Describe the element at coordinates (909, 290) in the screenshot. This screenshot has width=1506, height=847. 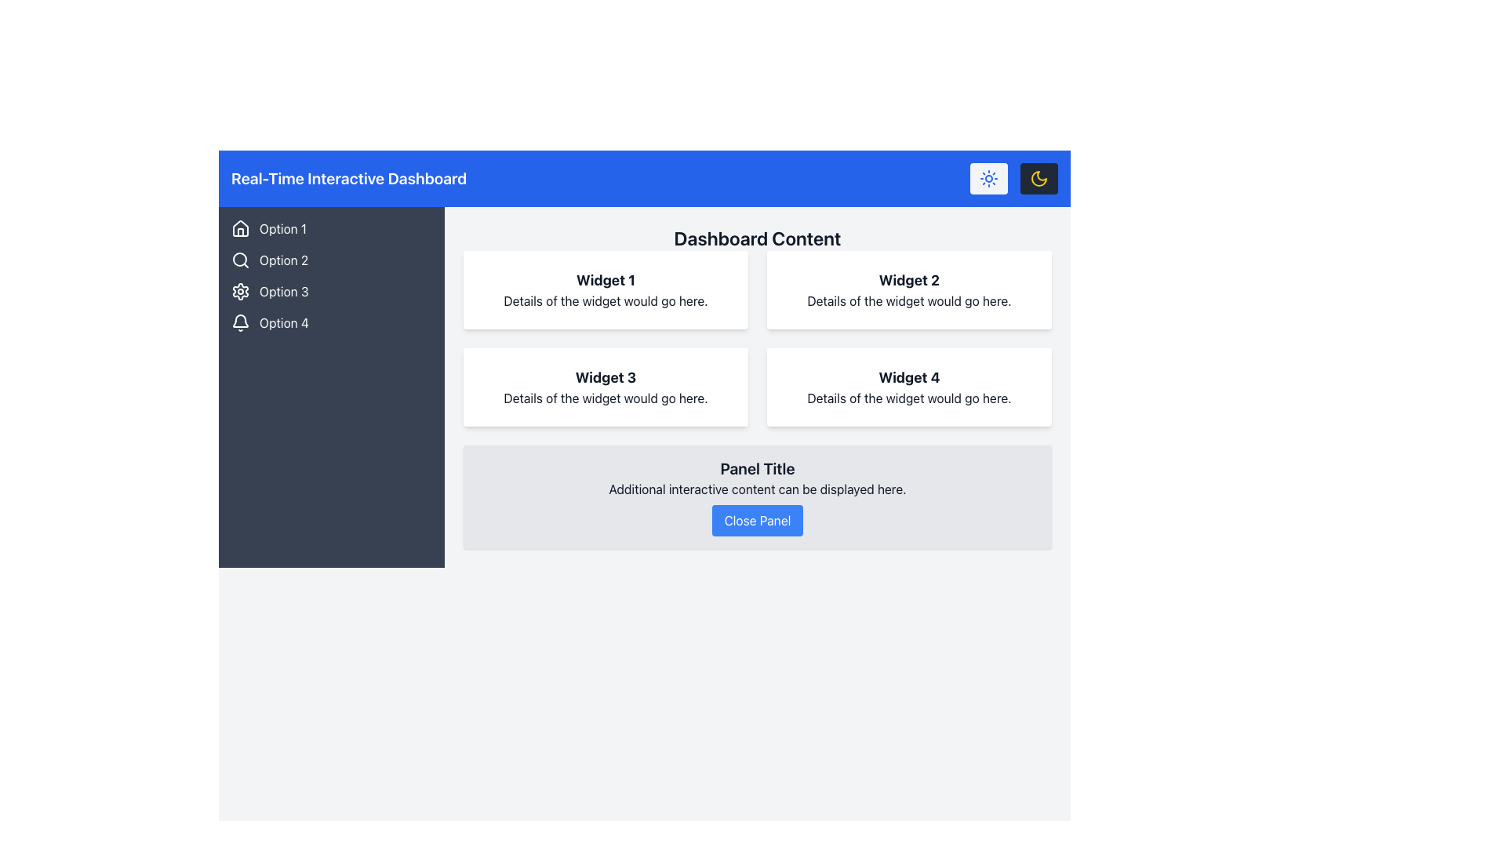
I see `the informational card located in the top-right section of the dashboard, specifically the second card in a two-by-two layout next to 'Widget 1'` at that location.